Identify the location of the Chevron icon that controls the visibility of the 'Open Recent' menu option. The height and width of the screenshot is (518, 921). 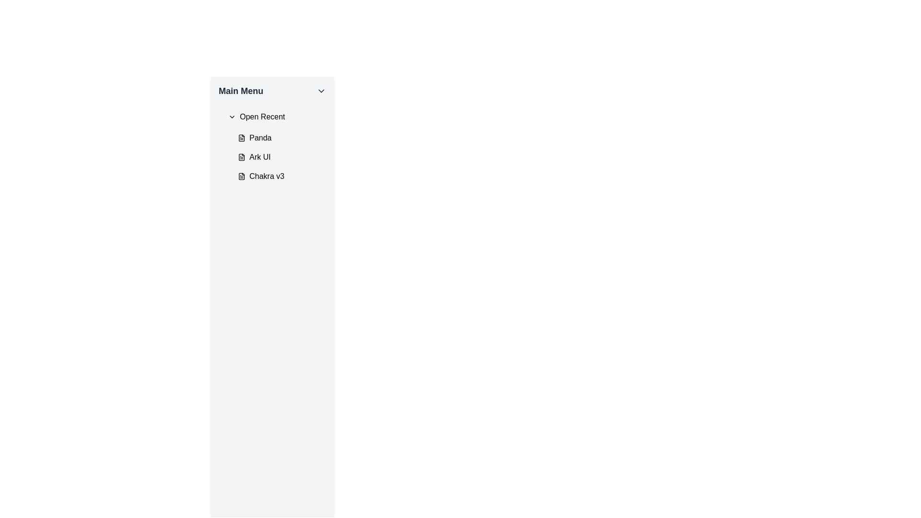
(232, 116).